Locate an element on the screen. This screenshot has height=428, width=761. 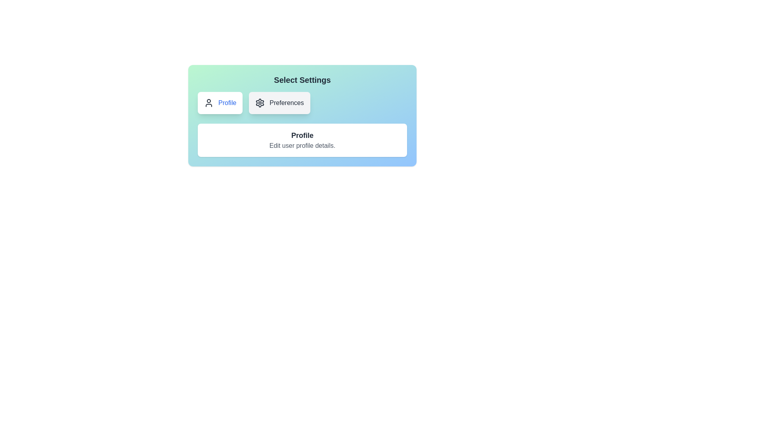
the SVG Icon located to the left of the 'Preferences' text, which serves as a visual indicator for accessing settings or preferences is located at coordinates (260, 102).